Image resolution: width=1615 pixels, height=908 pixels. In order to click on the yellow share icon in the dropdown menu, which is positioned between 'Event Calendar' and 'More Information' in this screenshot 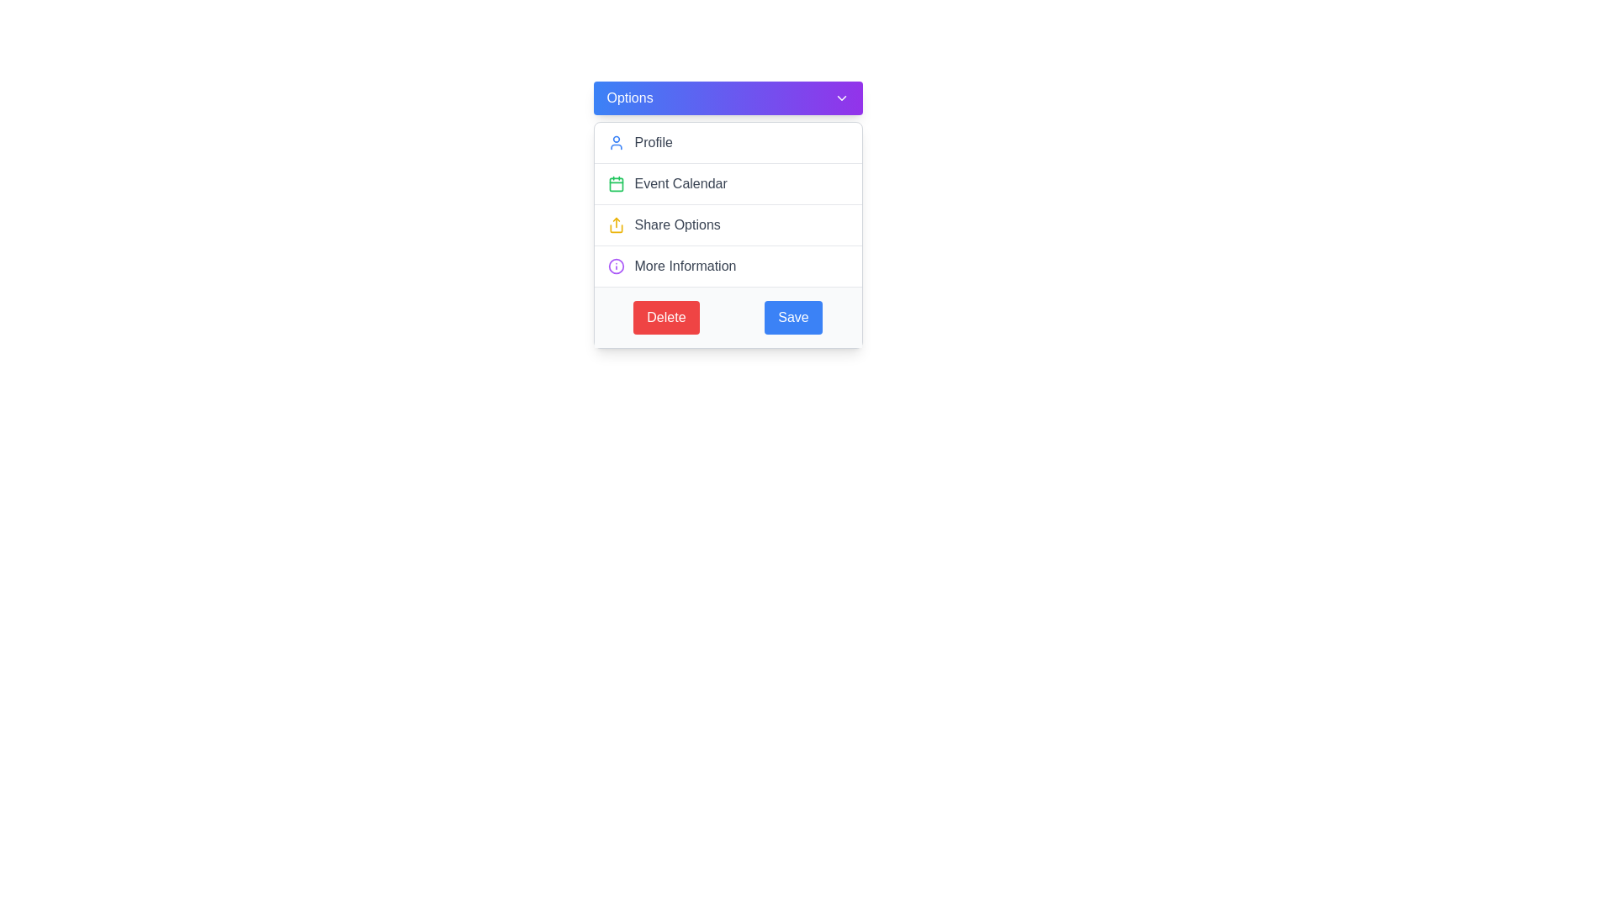, I will do `click(615, 224)`.